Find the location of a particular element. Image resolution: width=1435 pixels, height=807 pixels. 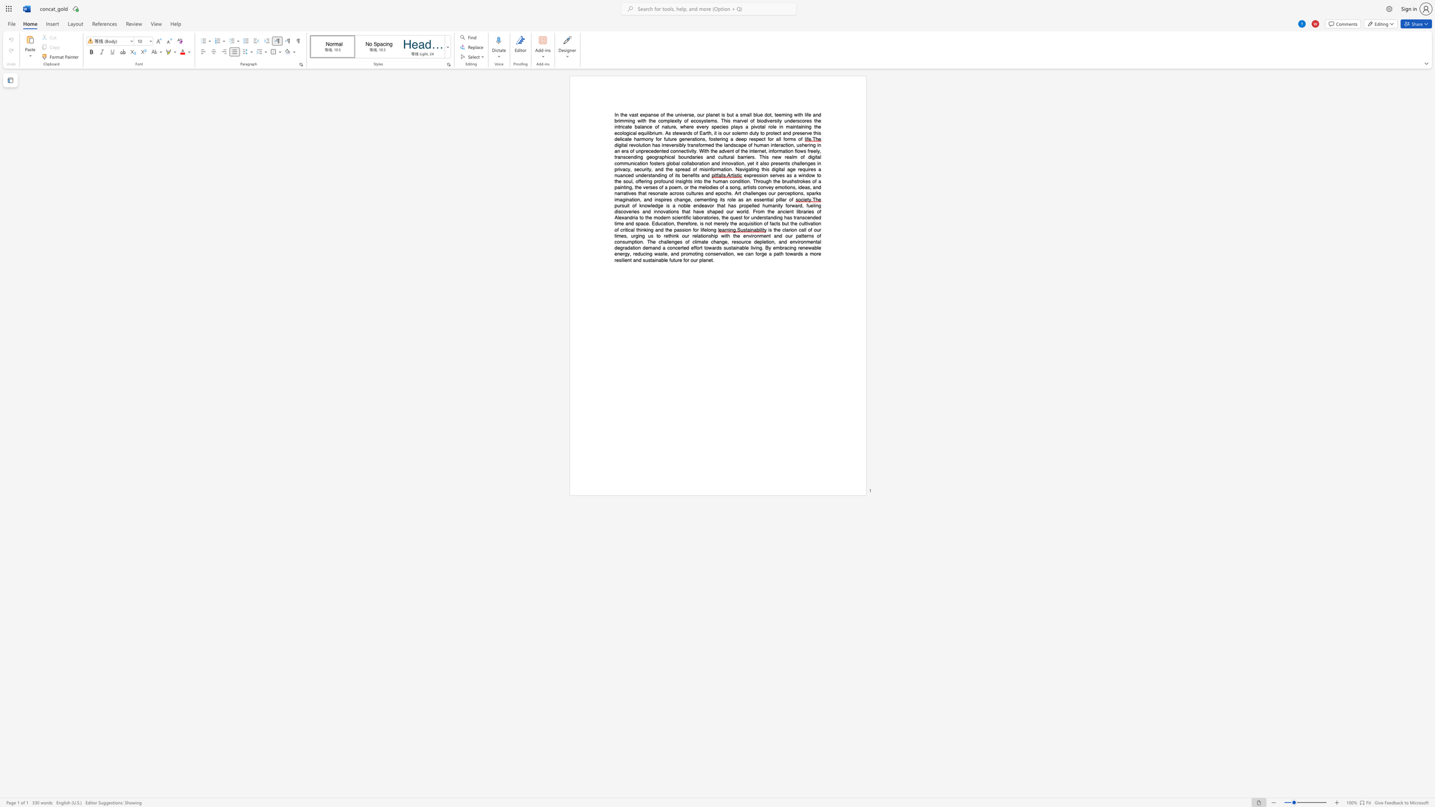

the subset text "our relationship with the environment and our patterns of consumption. The challenges of climate change, resource depletion, and environmental degradation demand a concerted effort towards sustainable living. By embracing renewable energy, reducing waste, and promoting conservation, we can forge a p" within the text "is the clarion call of our times, urging us to rethink our relationship with the environment and our patterns of consumption. The challenges of climate change, resource depletion, and environmental degradation demand a concerted effort towards sustainable living. By embracing renewable energy, reducing waste, and promoting conservation, we can forge a path towards a more resilient and sustainable future for our planet." is located at coordinates (682, 235).